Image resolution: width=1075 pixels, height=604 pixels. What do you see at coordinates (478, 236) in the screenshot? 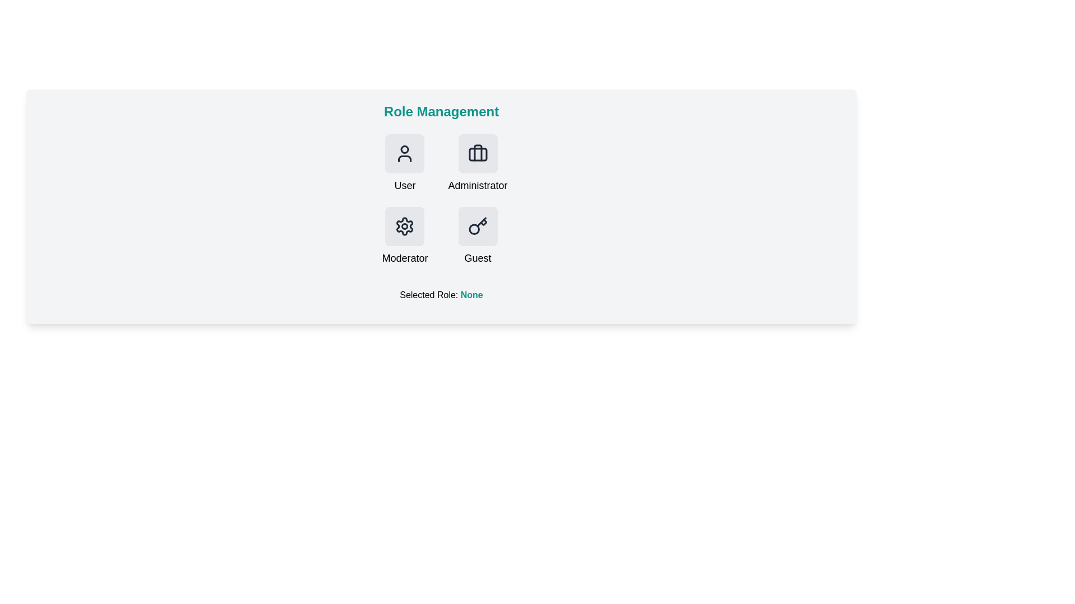
I see `the 'Guest' user role button located in the bottom-right quadrant of the interface, beneath the 'Administrator' role and to the right of the 'Moderator' role` at bounding box center [478, 236].